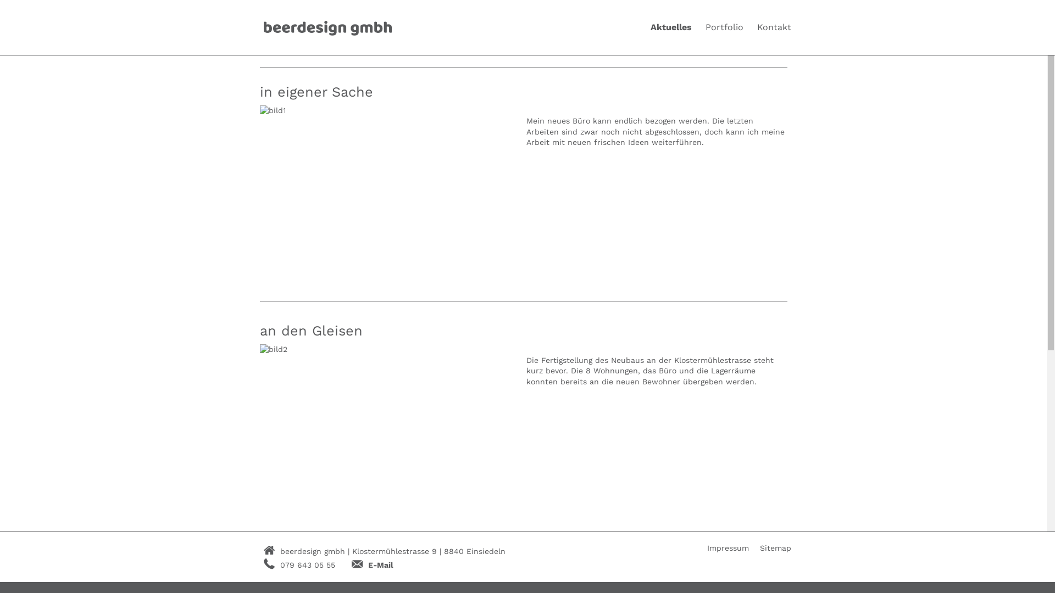 The height and width of the screenshot is (593, 1055). What do you see at coordinates (774, 27) in the screenshot?
I see `'Kontakt'` at bounding box center [774, 27].